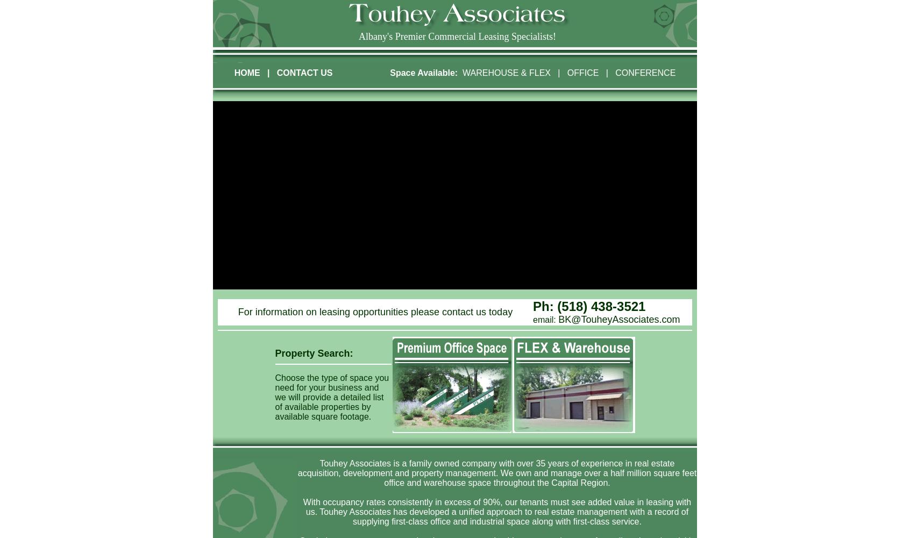 The width and height of the screenshot is (910, 538). I want to click on 'Choose the 
							type of space you need for your business and we will 
							provide a detailed list of available properties by 
							available square footage.', so click(331, 397).